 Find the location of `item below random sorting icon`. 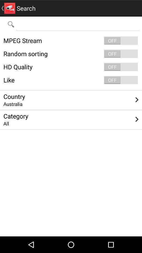

item below random sorting icon is located at coordinates (71, 66).